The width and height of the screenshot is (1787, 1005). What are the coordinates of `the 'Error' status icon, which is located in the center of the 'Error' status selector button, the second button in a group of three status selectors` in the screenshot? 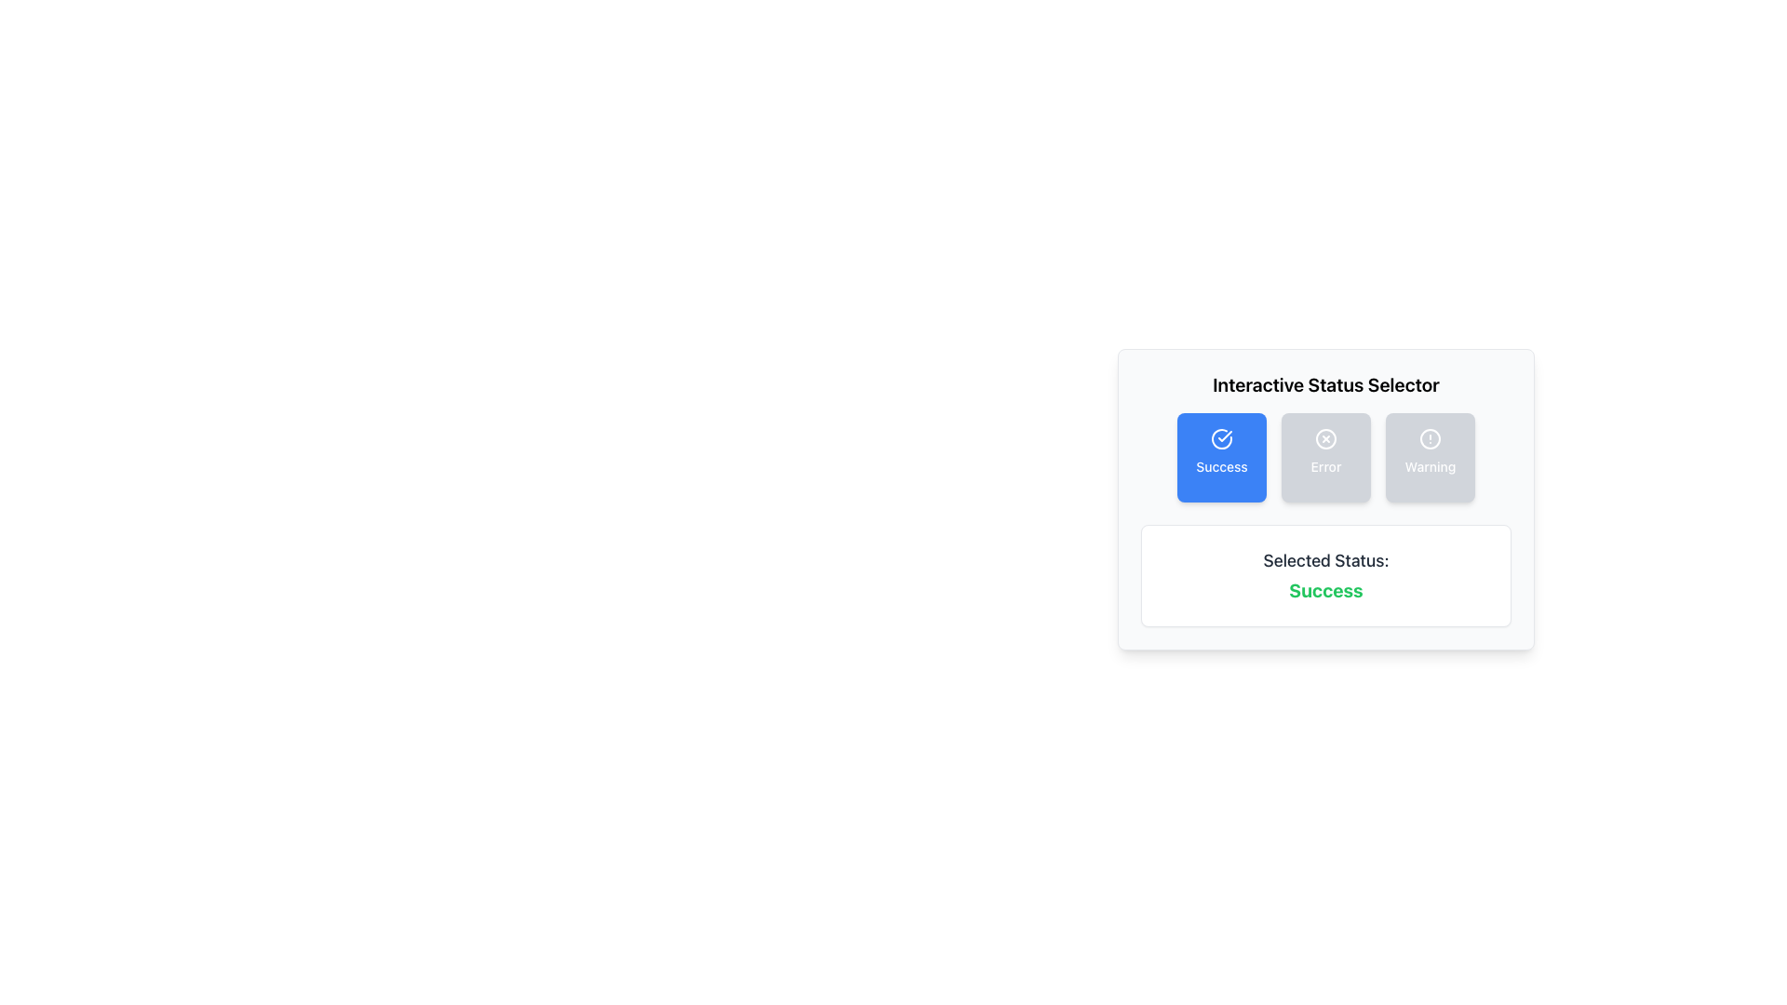 It's located at (1325, 438).